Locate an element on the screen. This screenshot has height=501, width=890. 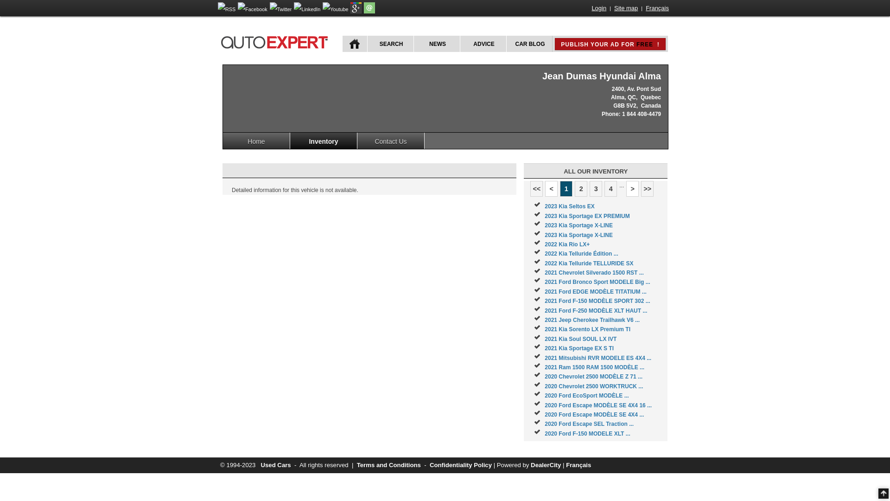
'Terms and Conditions' is located at coordinates (389, 465).